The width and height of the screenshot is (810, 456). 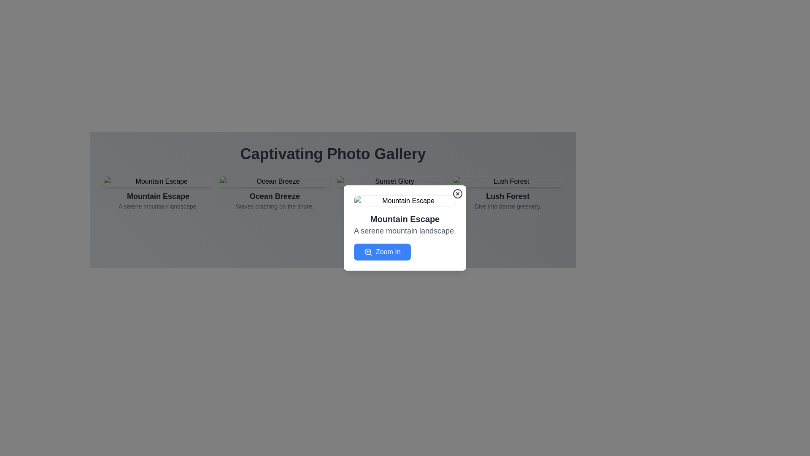 I want to click on information presented in the text block titled 'Lush Forest' which includes the header in bold and larger font and the description in a lighter gray shade, so click(x=507, y=200).